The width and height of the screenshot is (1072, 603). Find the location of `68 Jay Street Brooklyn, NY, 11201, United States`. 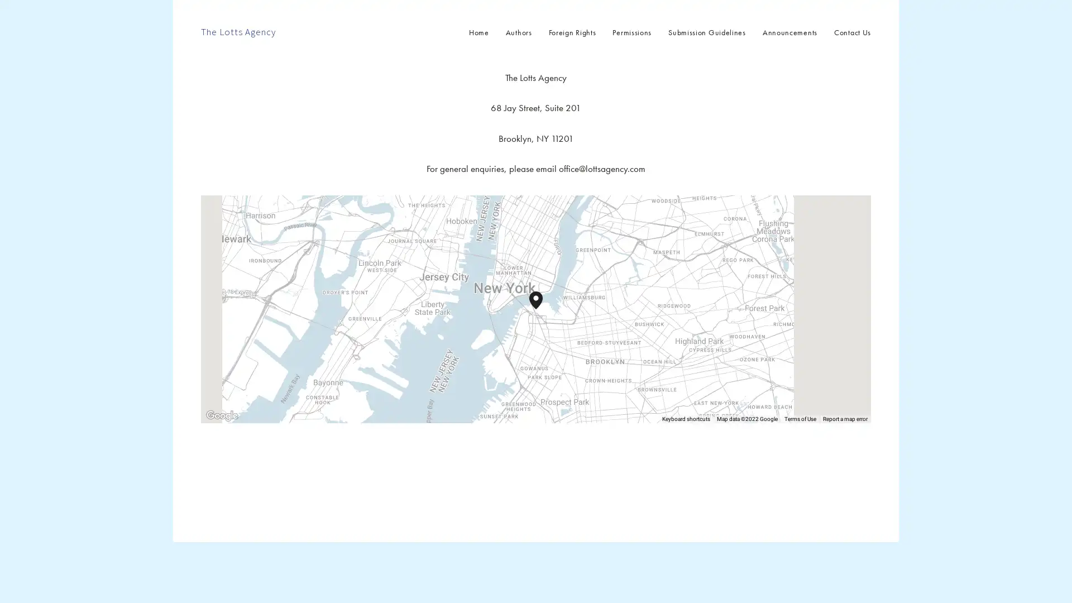

68 Jay Street Brooklyn, NY, 11201, United States is located at coordinates (543, 309).